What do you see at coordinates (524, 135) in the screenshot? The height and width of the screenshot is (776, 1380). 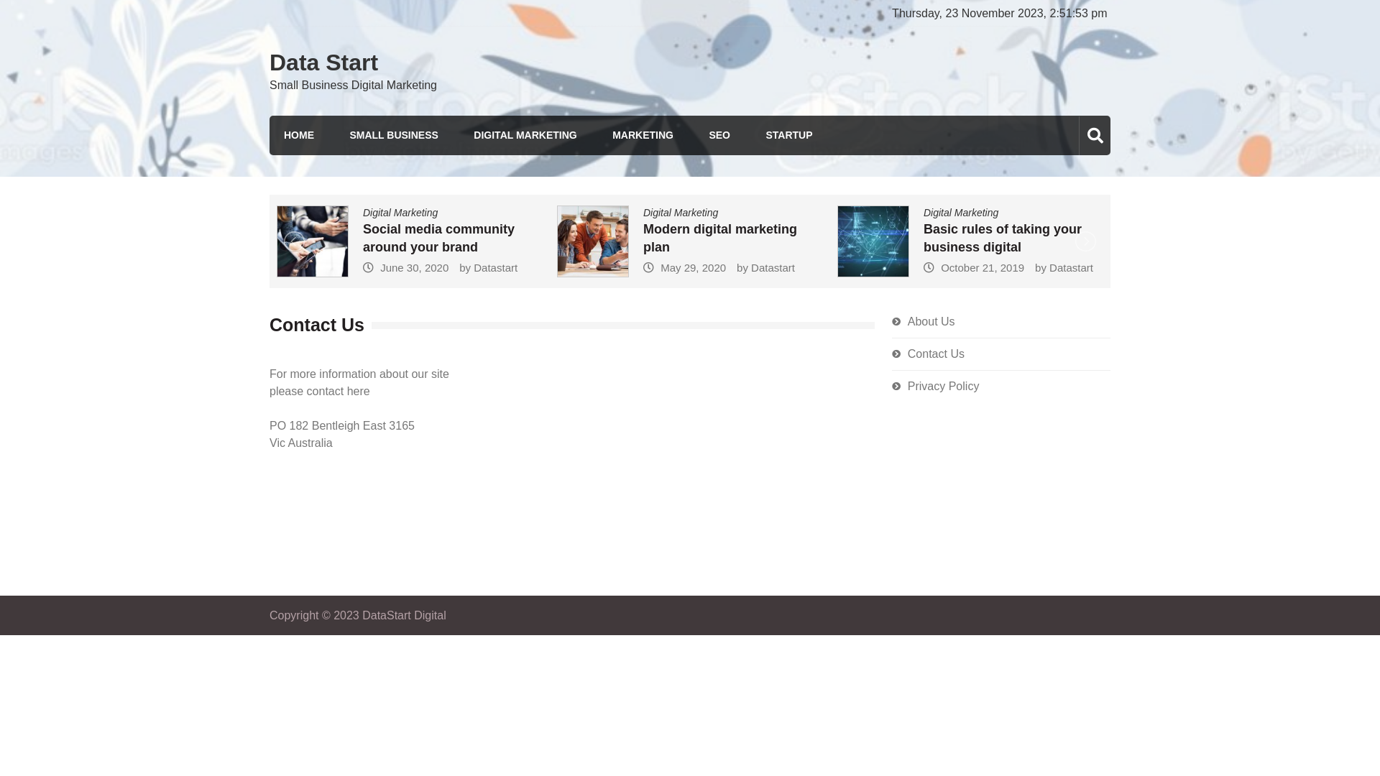 I see `'DIGITAL MARKETING'` at bounding box center [524, 135].